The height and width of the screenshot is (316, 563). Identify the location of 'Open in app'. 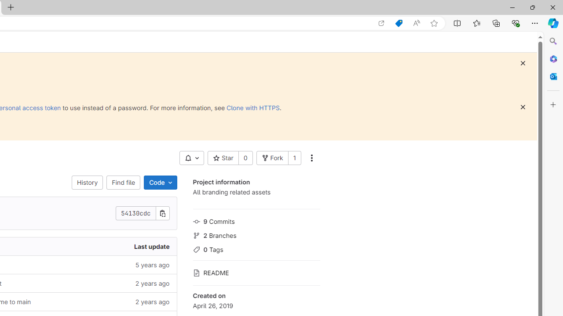
(381, 23).